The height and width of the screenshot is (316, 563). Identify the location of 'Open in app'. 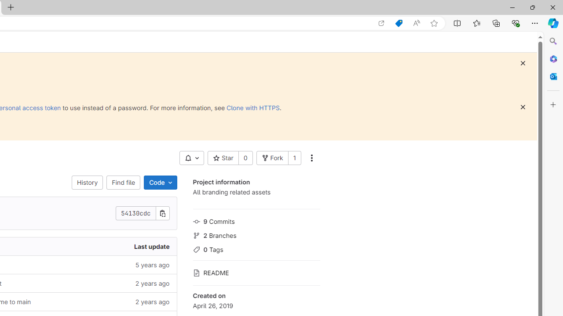
(381, 23).